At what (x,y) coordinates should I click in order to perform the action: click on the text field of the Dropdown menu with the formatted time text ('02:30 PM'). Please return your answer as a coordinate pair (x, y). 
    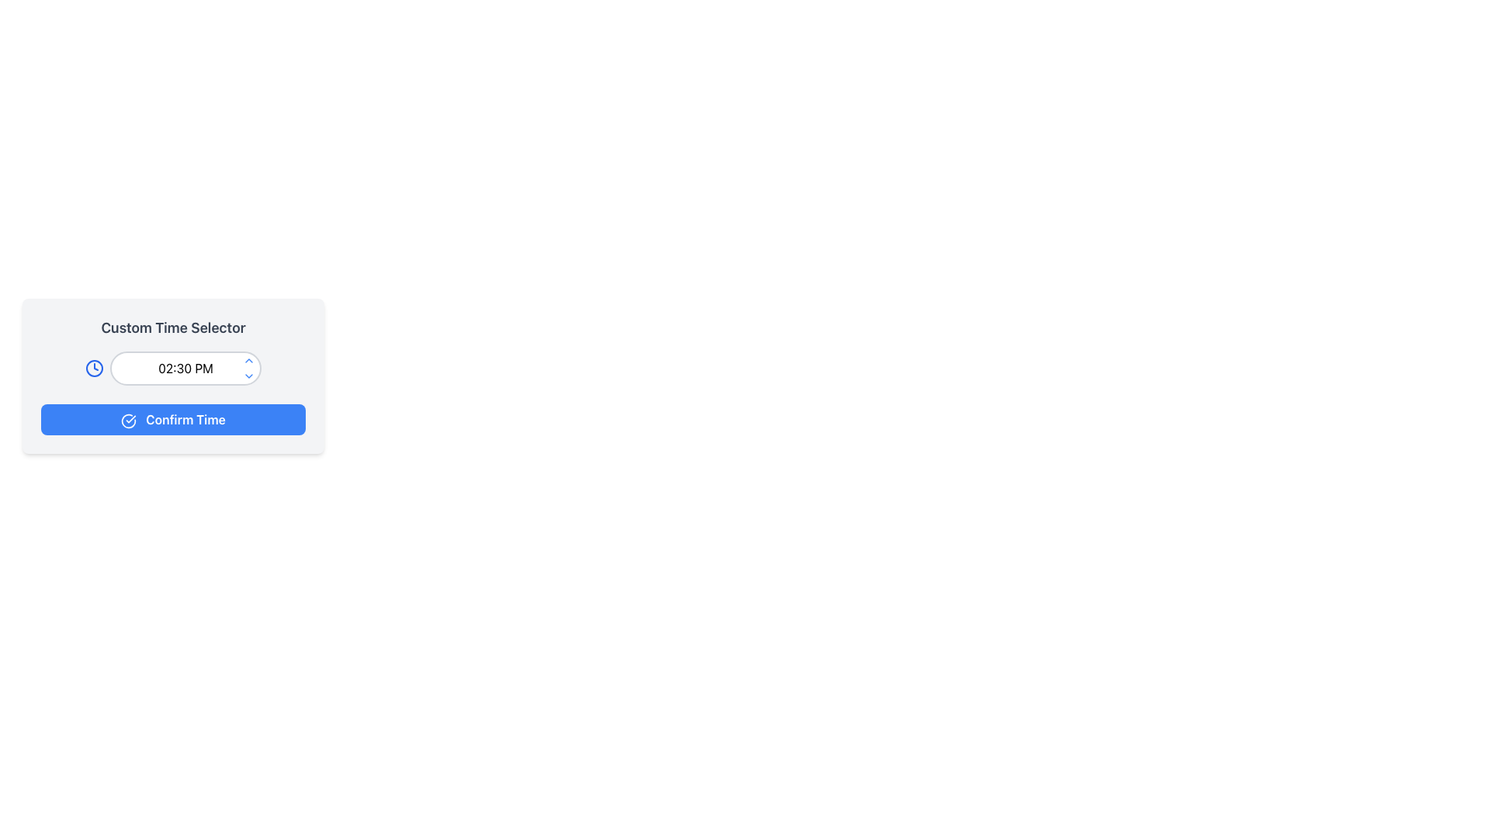
    Looking at the image, I should click on (173, 368).